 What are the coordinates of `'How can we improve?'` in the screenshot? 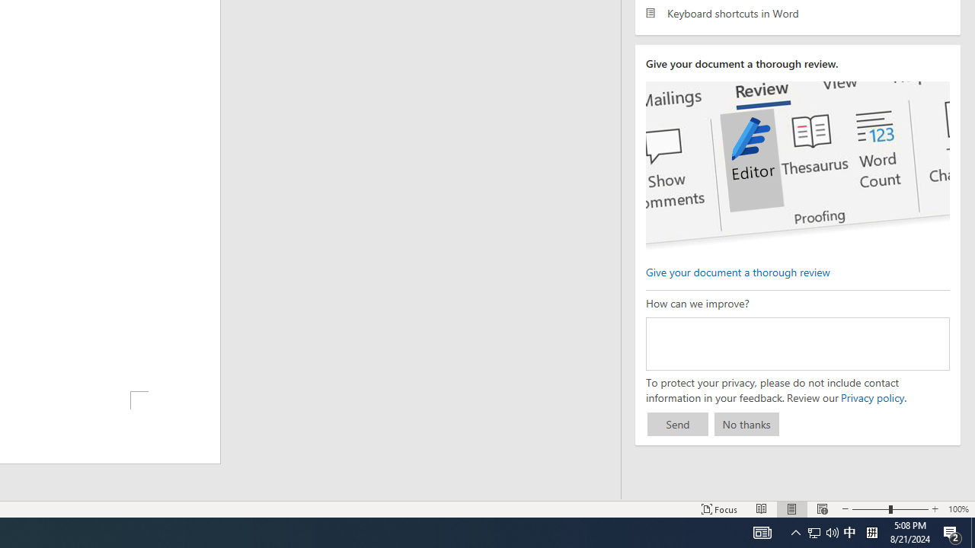 It's located at (797, 343).